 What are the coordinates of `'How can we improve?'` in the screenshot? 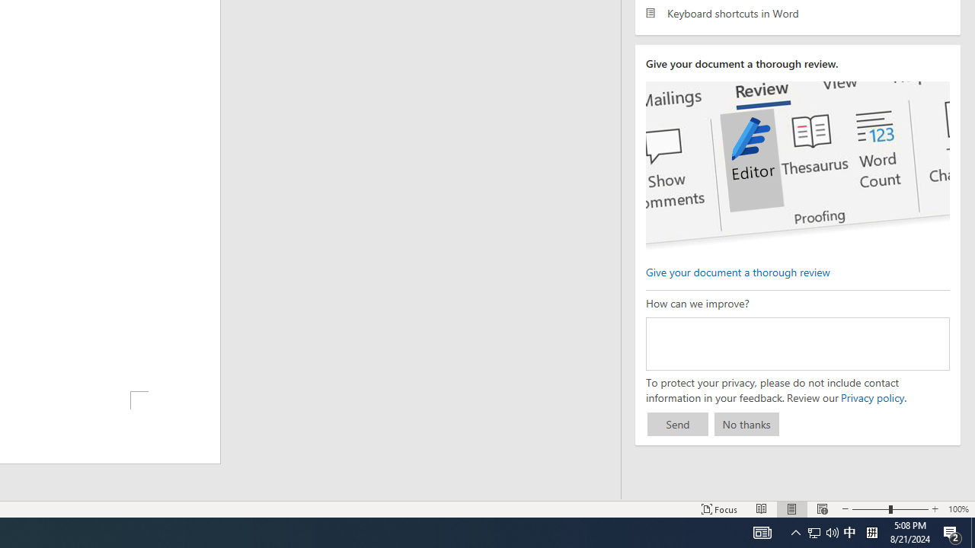 It's located at (797, 343).